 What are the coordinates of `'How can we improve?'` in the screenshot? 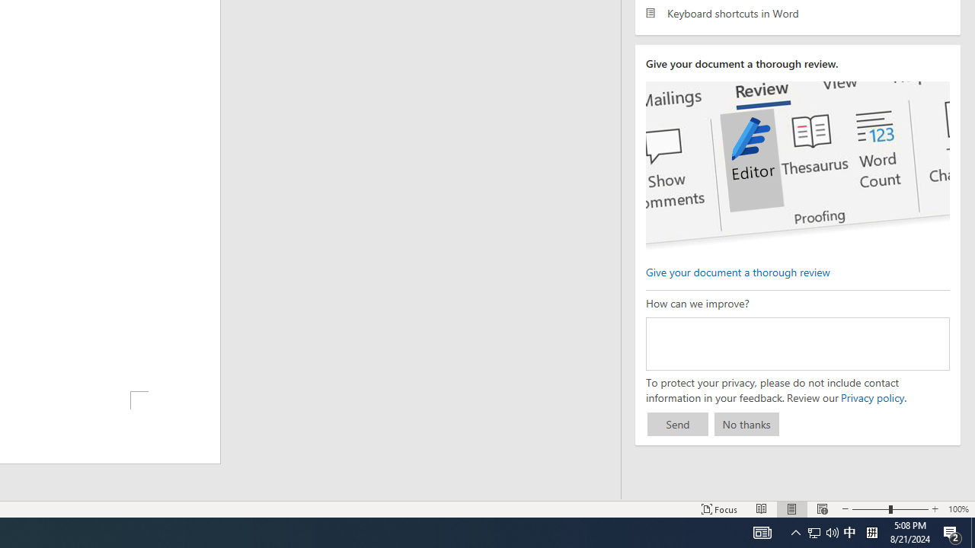 It's located at (797, 343).